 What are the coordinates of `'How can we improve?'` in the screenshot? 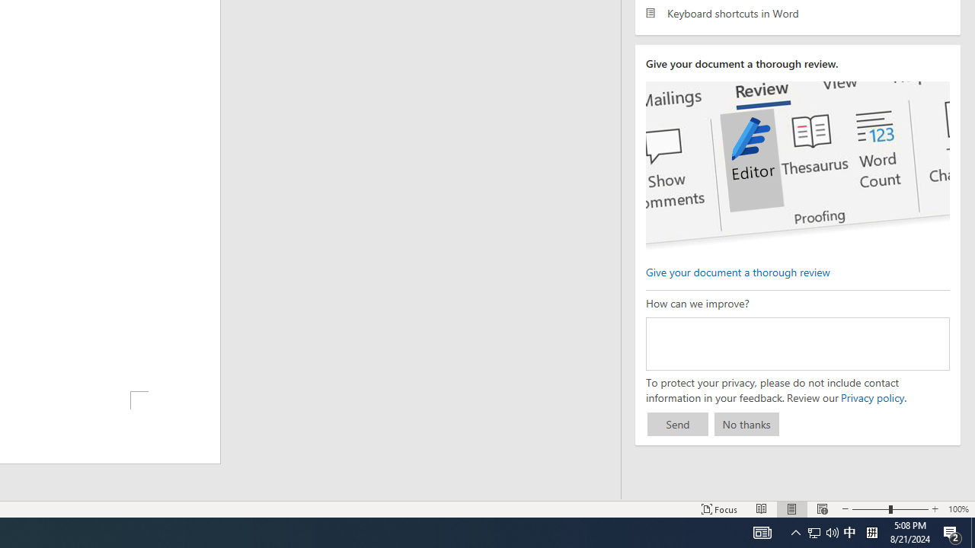 It's located at (797, 343).